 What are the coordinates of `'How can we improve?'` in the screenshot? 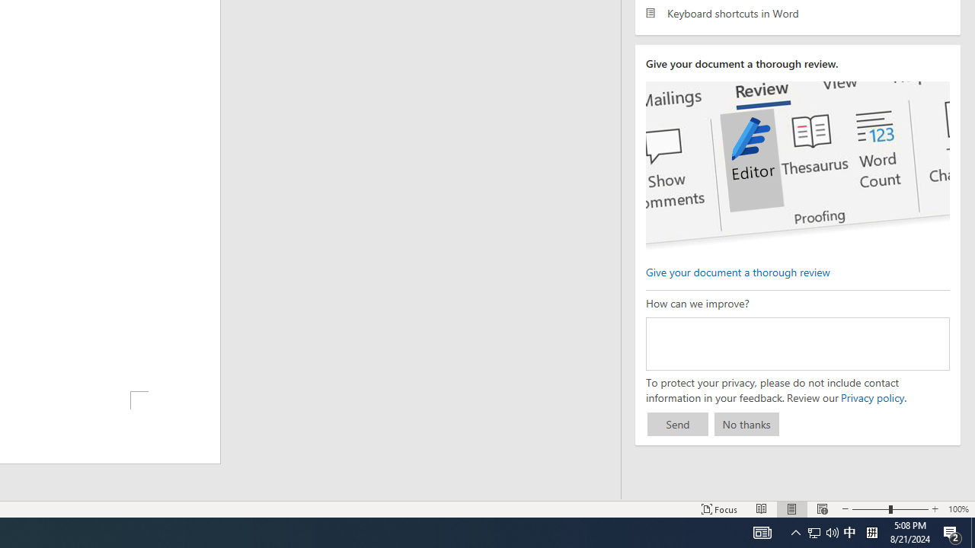 It's located at (797, 343).